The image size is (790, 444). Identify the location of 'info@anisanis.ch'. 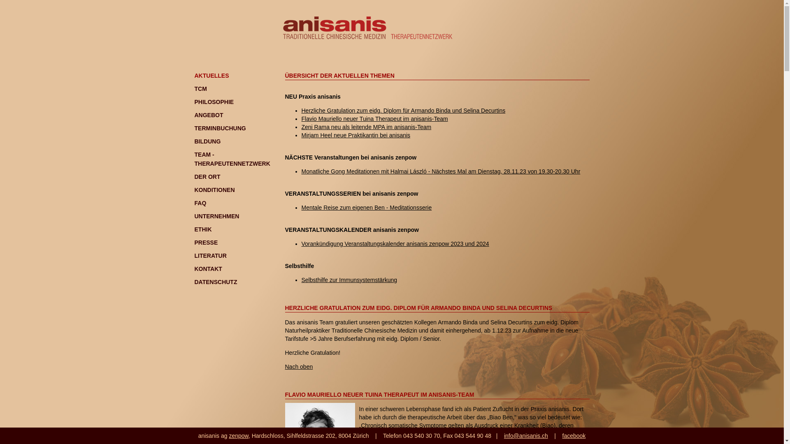
(525, 435).